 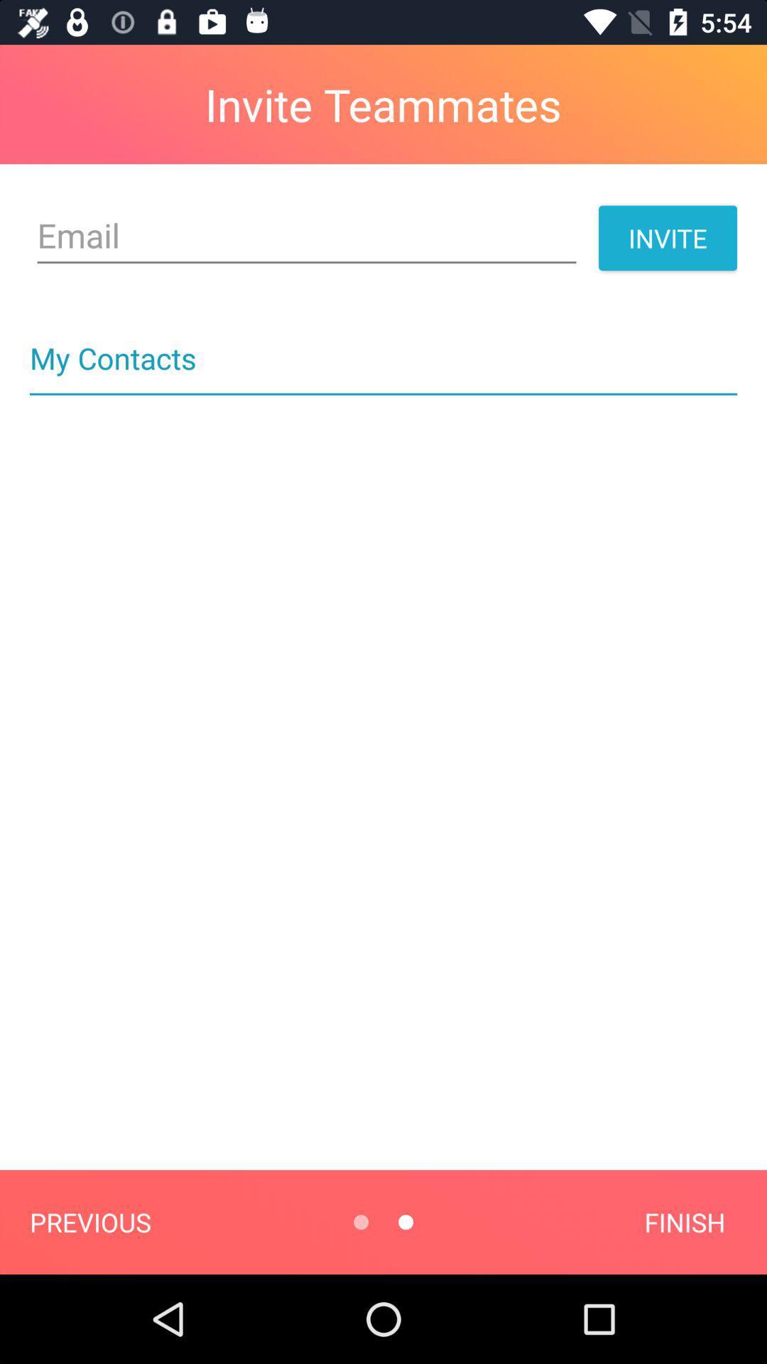 I want to click on the icon above the previous item, so click(x=383, y=394).